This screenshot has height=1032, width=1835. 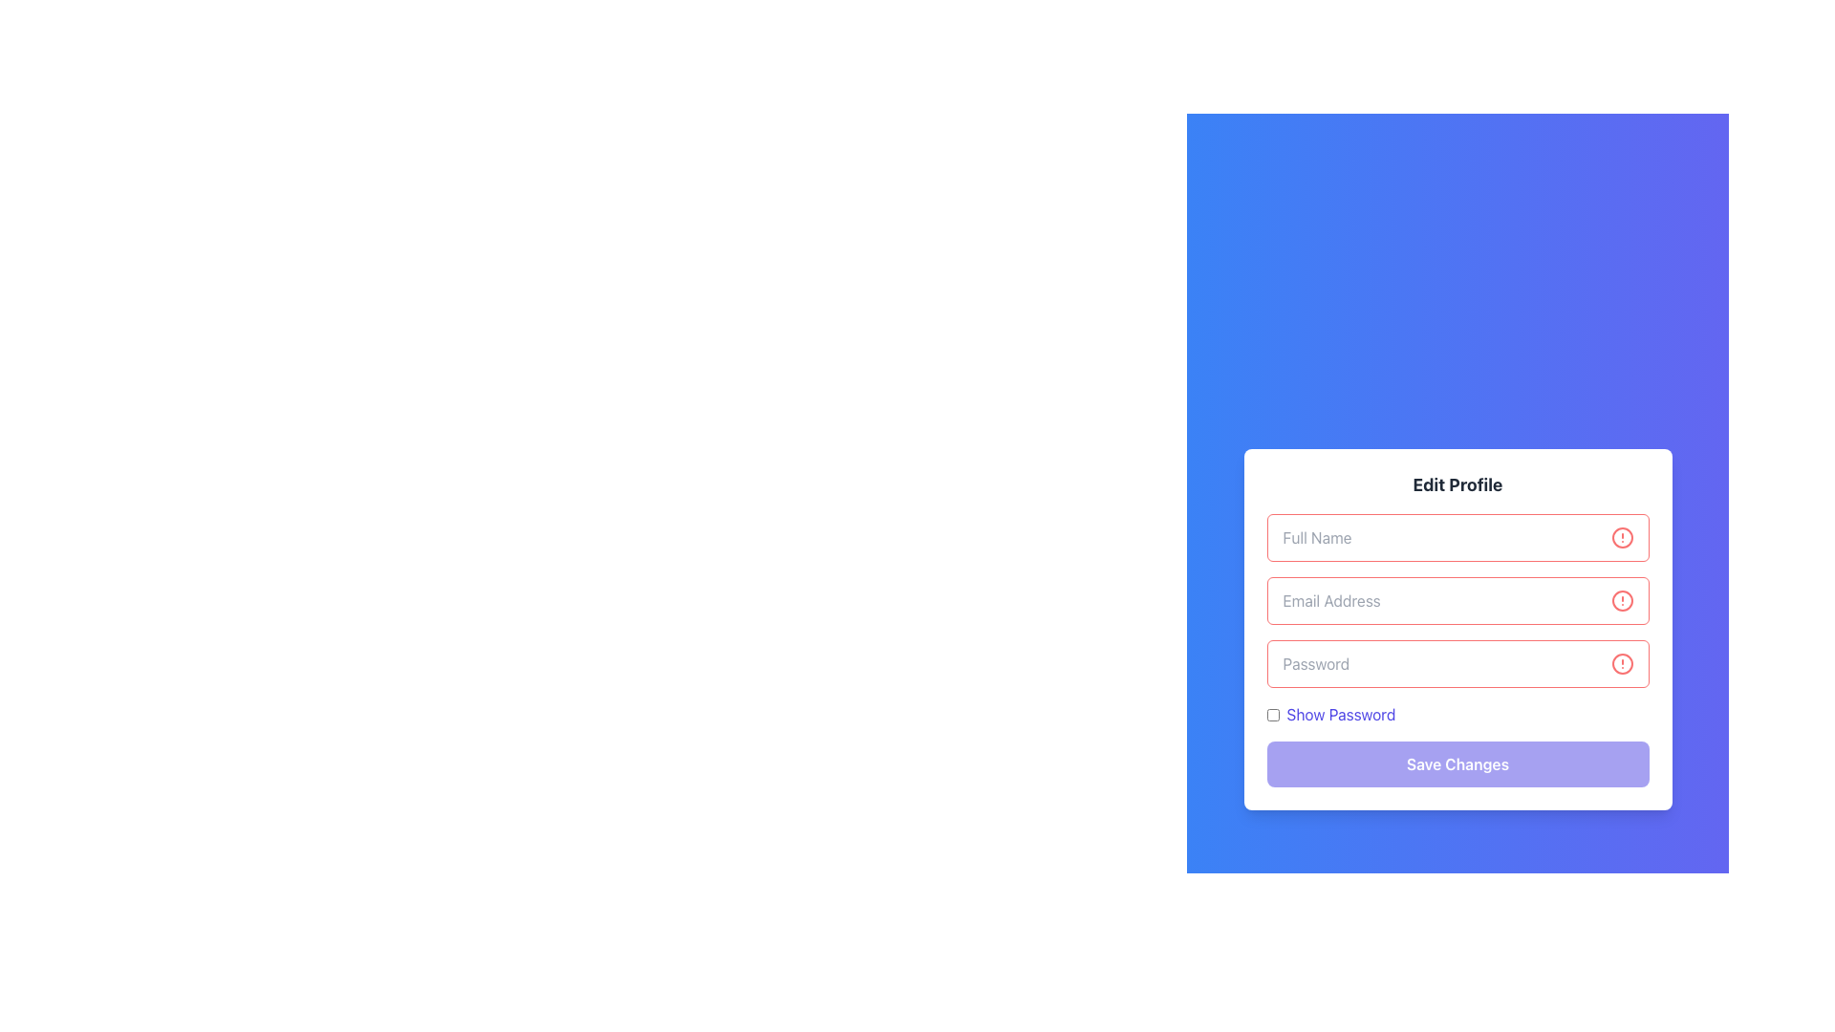 What do you see at coordinates (1621, 599) in the screenshot?
I see `the circular graphical element of the warning icon that indicates an alert for the 'Email Address' field` at bounding box center [1621, 599].